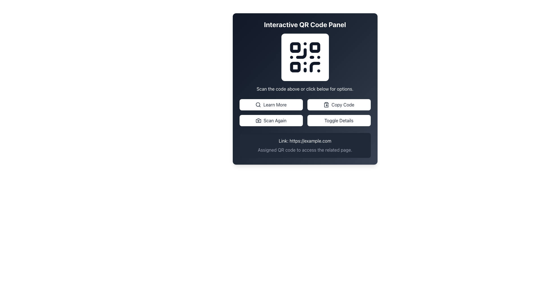 This screenshot has width=543, height=305. I want to click on the 'Scan Again' button using keyboard navigation, so click(271, 120).